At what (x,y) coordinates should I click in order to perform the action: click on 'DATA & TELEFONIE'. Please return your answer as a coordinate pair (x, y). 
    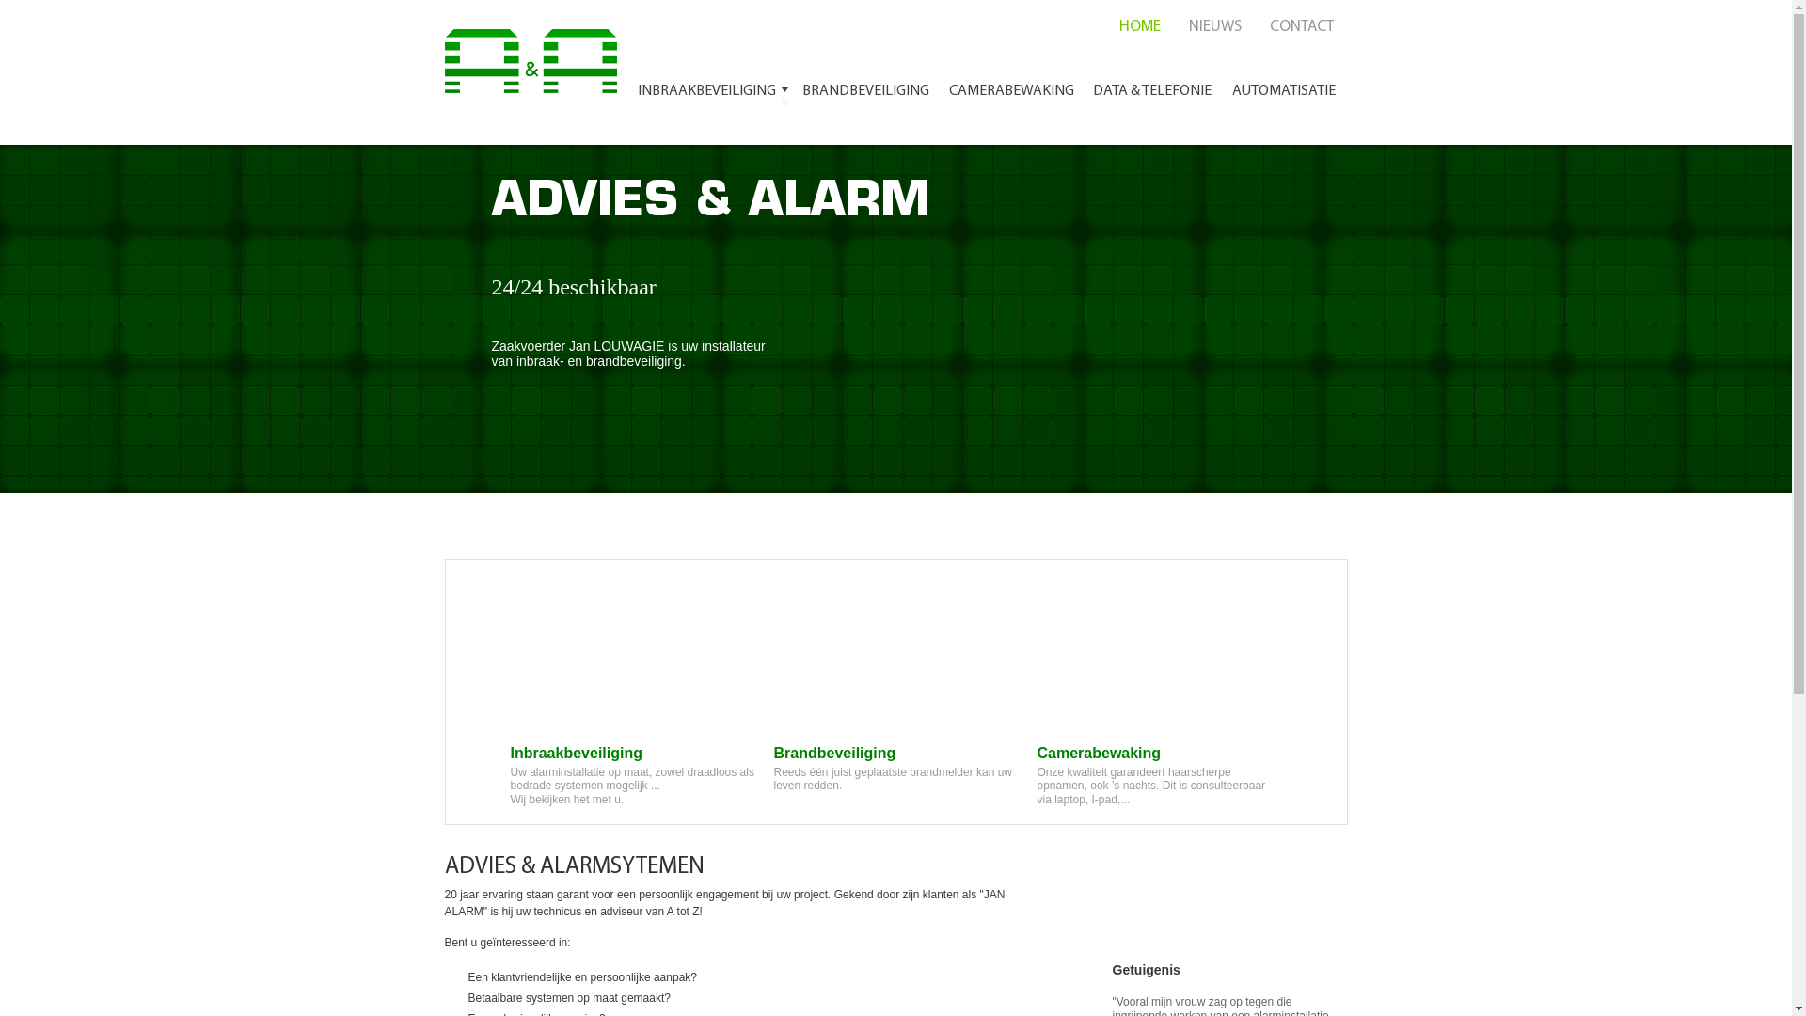
    Looking at the image, I should click on (1150, 94).